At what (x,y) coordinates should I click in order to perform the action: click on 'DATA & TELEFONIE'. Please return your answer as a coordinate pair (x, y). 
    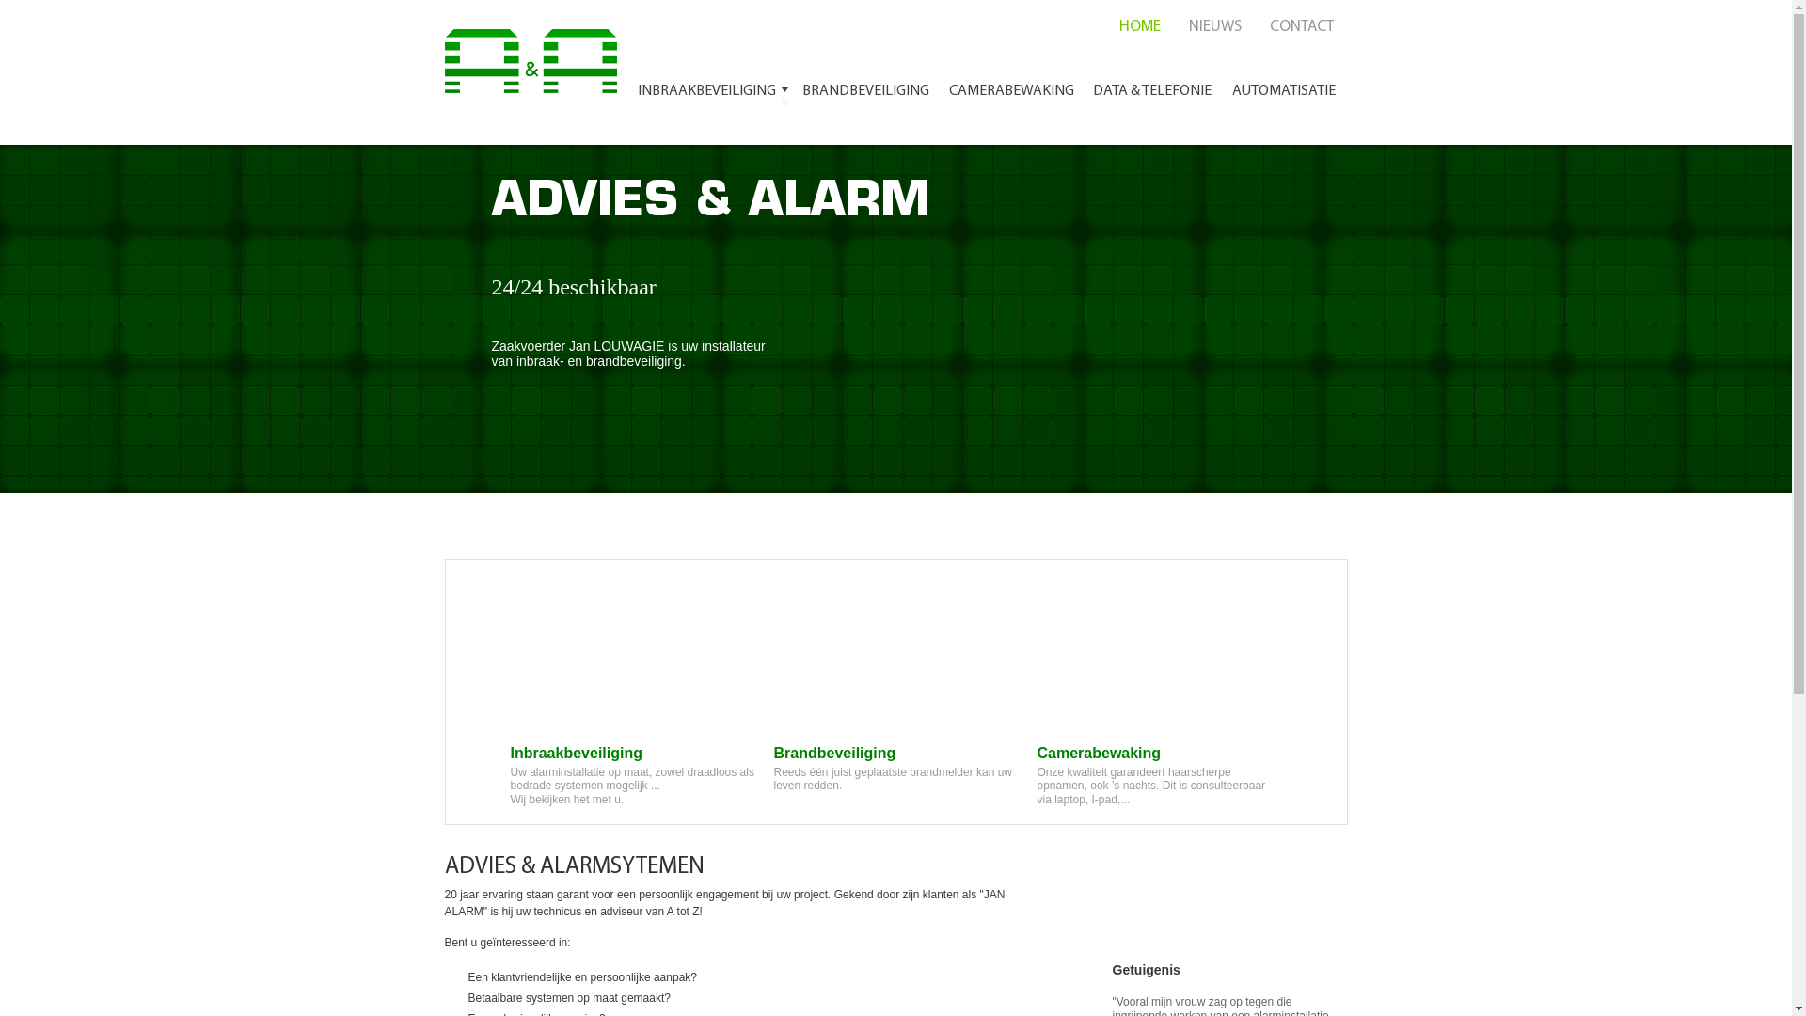
    Looking at the image, I should click on (1150, 94).